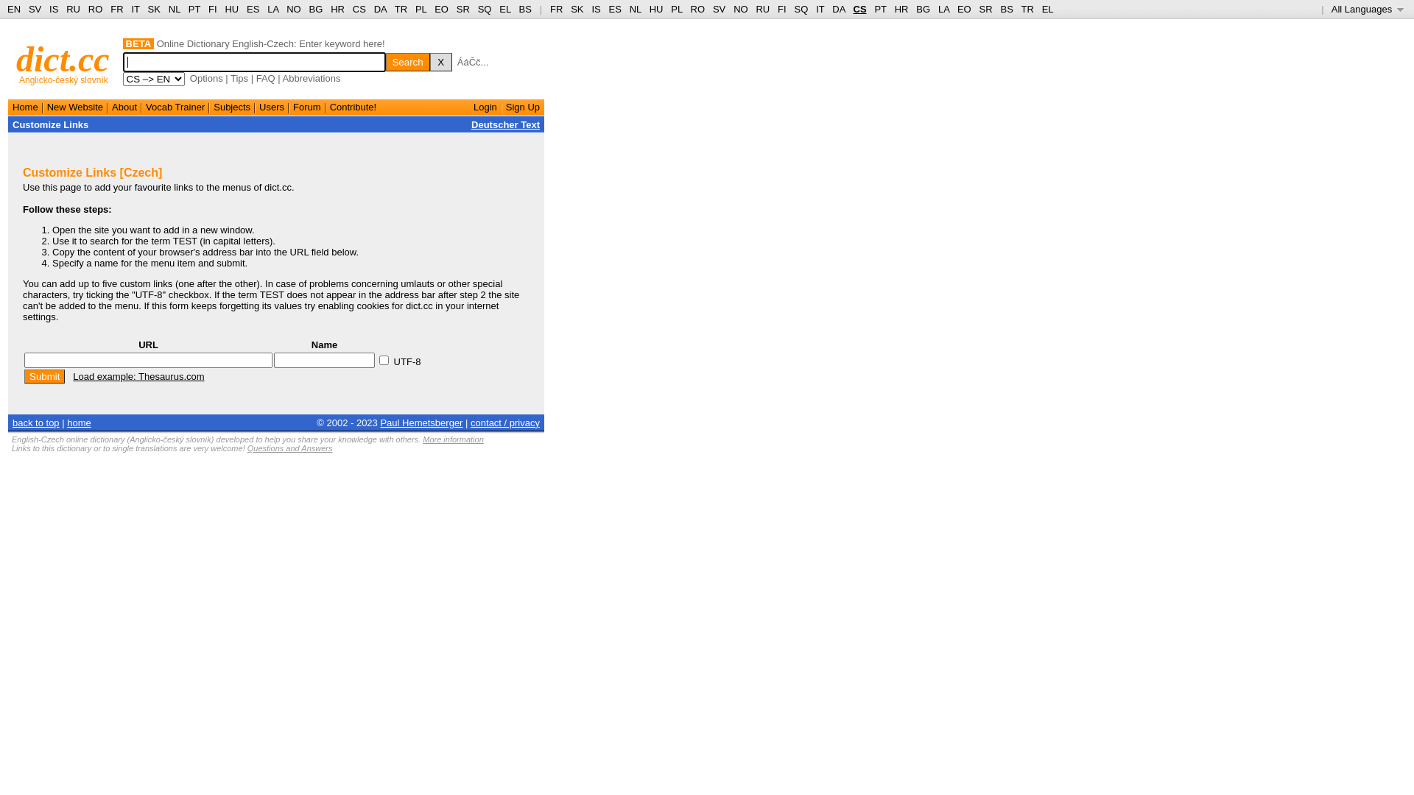 This screenshot has height=795, width=1414. I want to click on 'Questions and Answers', so click(289, 448).